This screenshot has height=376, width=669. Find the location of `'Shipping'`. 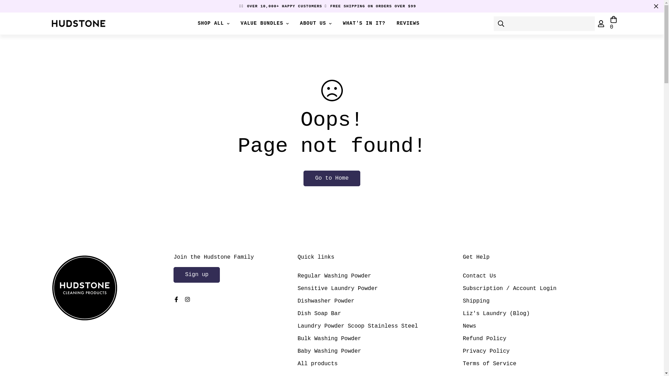

'Shipping' is located at coordinates (476, 300).